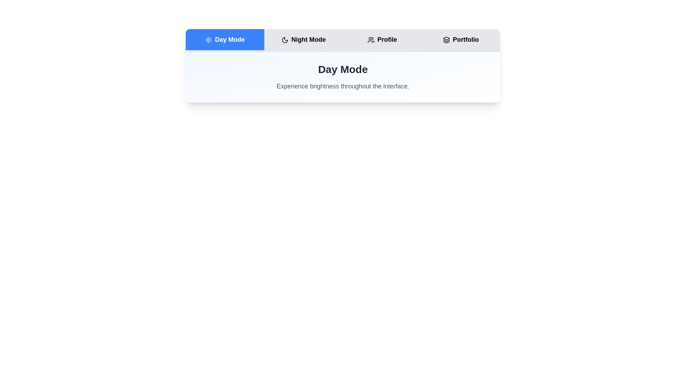 The height and width of the screenshot is (379, 674). Describe the element at coordinates (461, 39) in the screenshot. I see `the tab labeled Portfolio to observe its hover effect` at that location.